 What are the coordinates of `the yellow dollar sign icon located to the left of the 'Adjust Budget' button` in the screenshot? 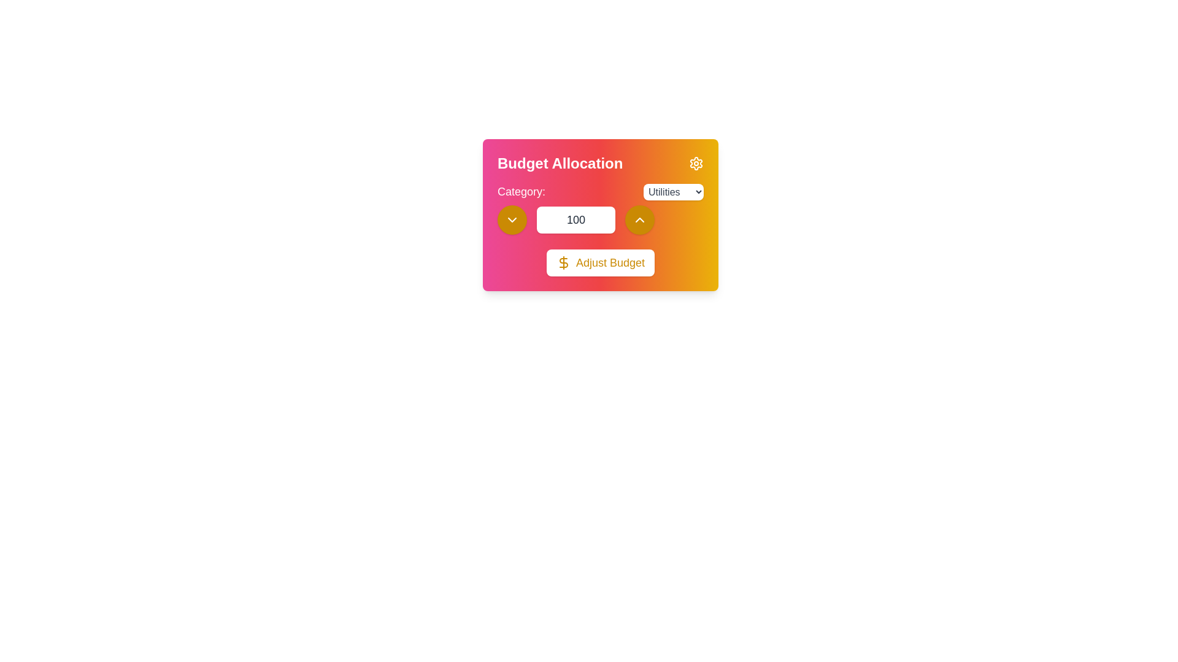 It's located at (563, 262).